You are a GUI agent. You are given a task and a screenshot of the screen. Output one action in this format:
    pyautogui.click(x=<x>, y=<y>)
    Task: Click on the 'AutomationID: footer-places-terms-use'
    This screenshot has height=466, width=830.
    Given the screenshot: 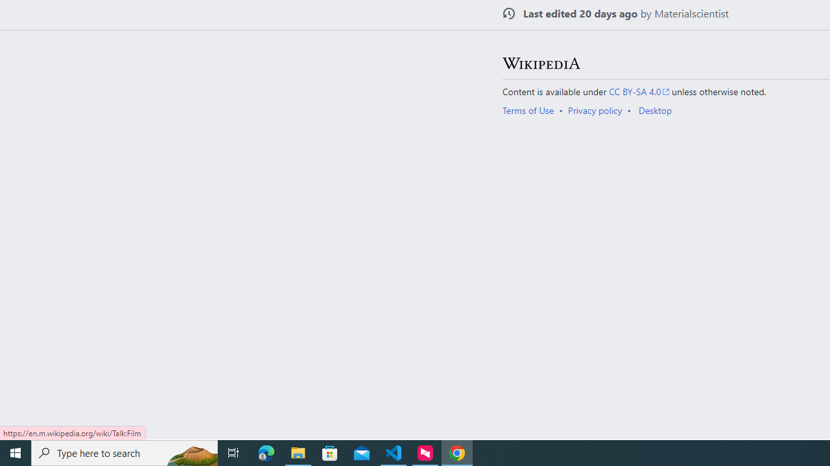 What is the action you would take?
    pyautogui.click(x=532, y=109)
    